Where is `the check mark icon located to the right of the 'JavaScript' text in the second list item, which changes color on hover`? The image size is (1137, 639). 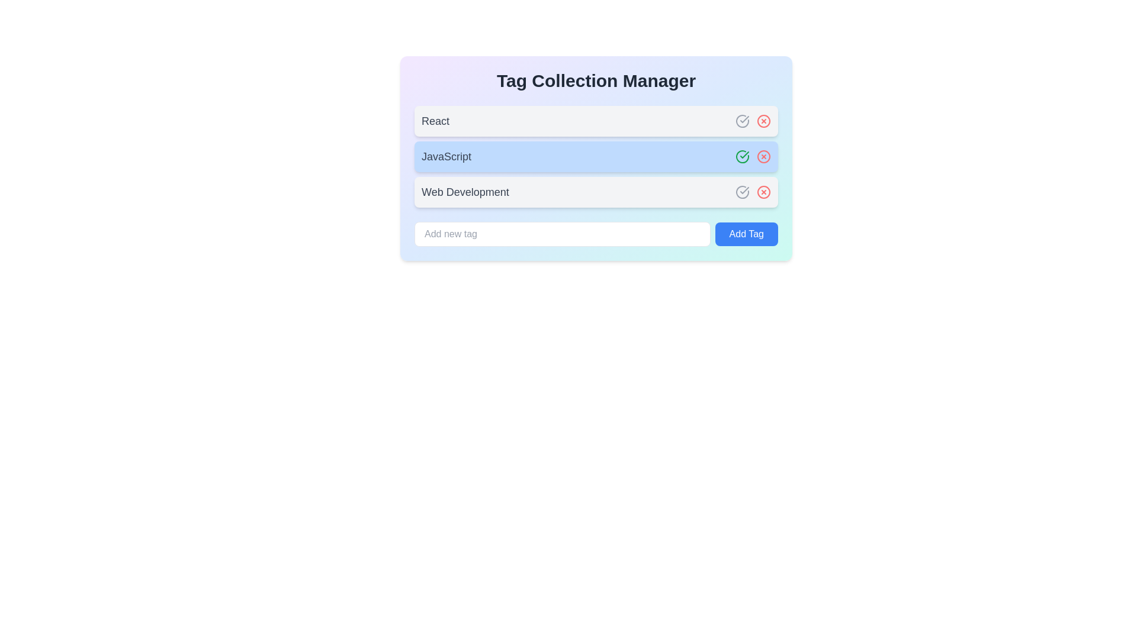
the check mark icon located to the right of the 'JavaScript' text in the second list item, which changes color on hover is located at coordinates (744, 119).